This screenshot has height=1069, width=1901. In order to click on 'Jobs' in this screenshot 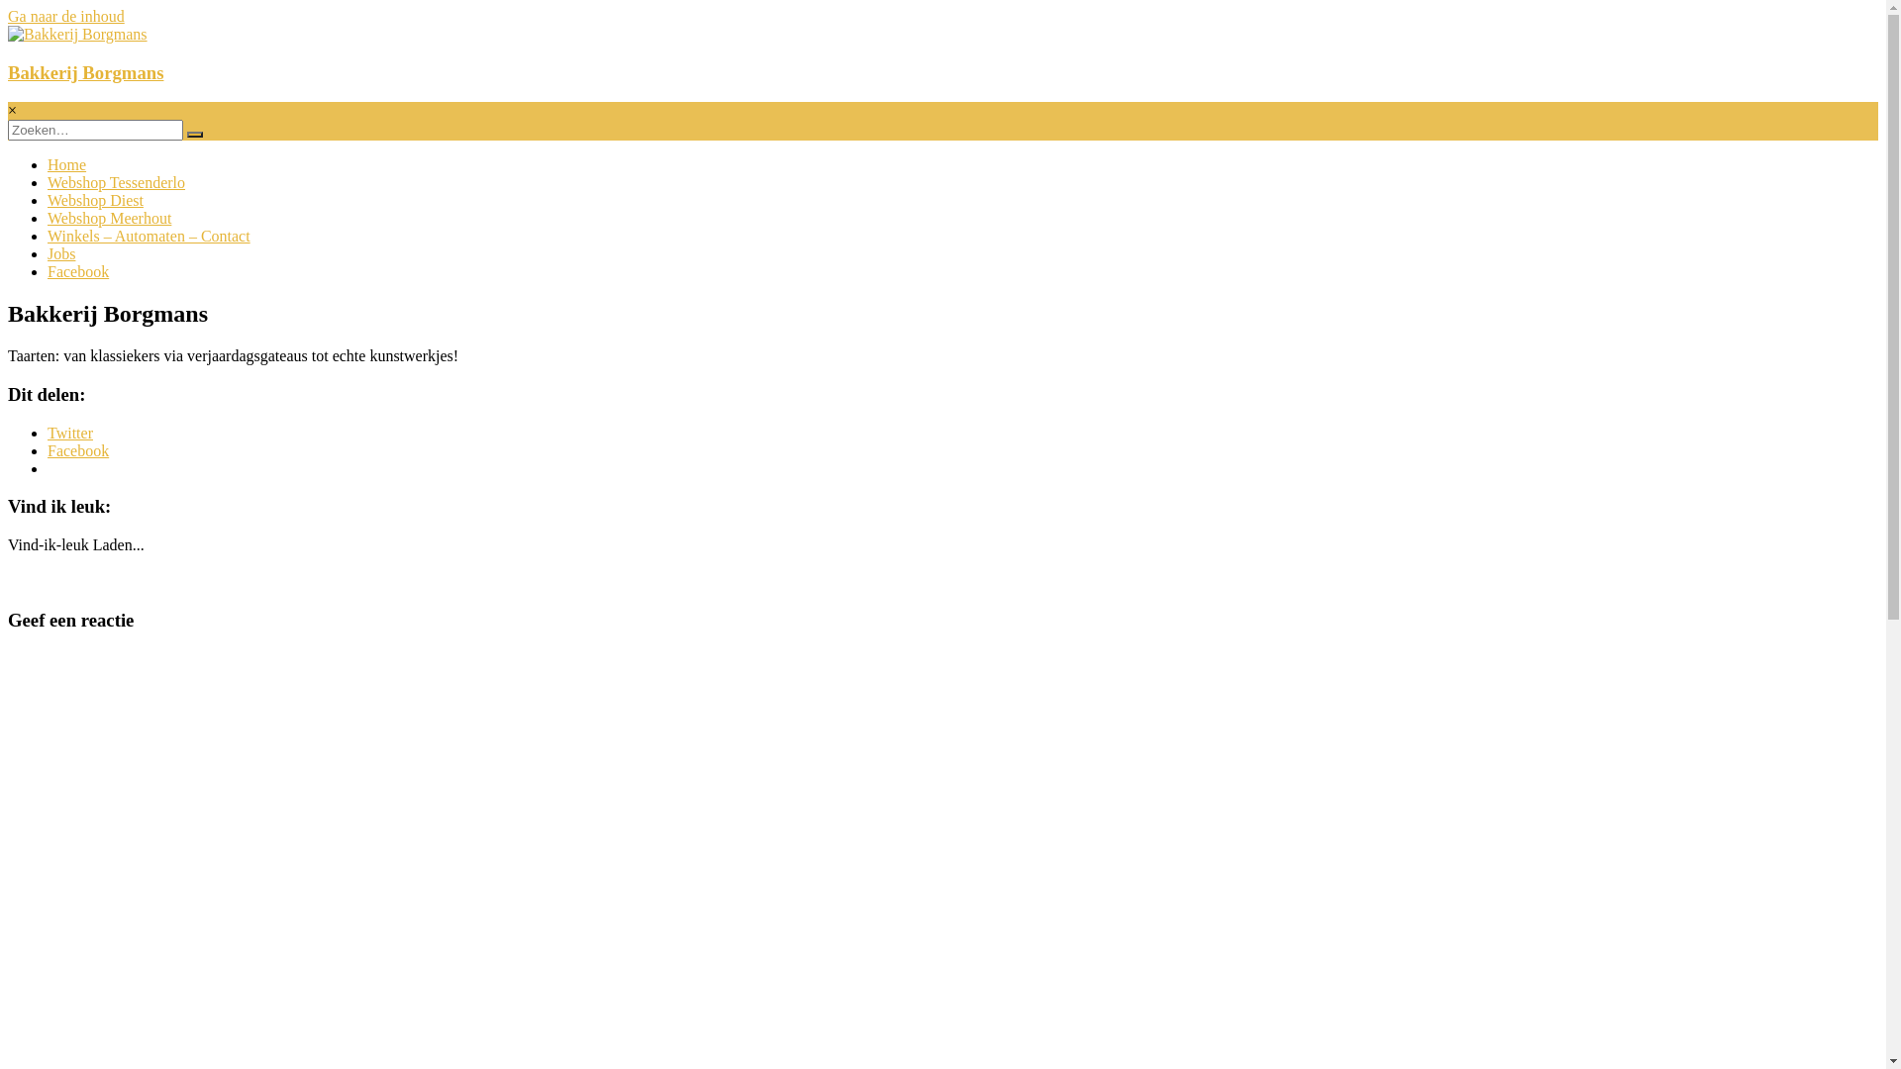, I will do `click(61, 252)`.